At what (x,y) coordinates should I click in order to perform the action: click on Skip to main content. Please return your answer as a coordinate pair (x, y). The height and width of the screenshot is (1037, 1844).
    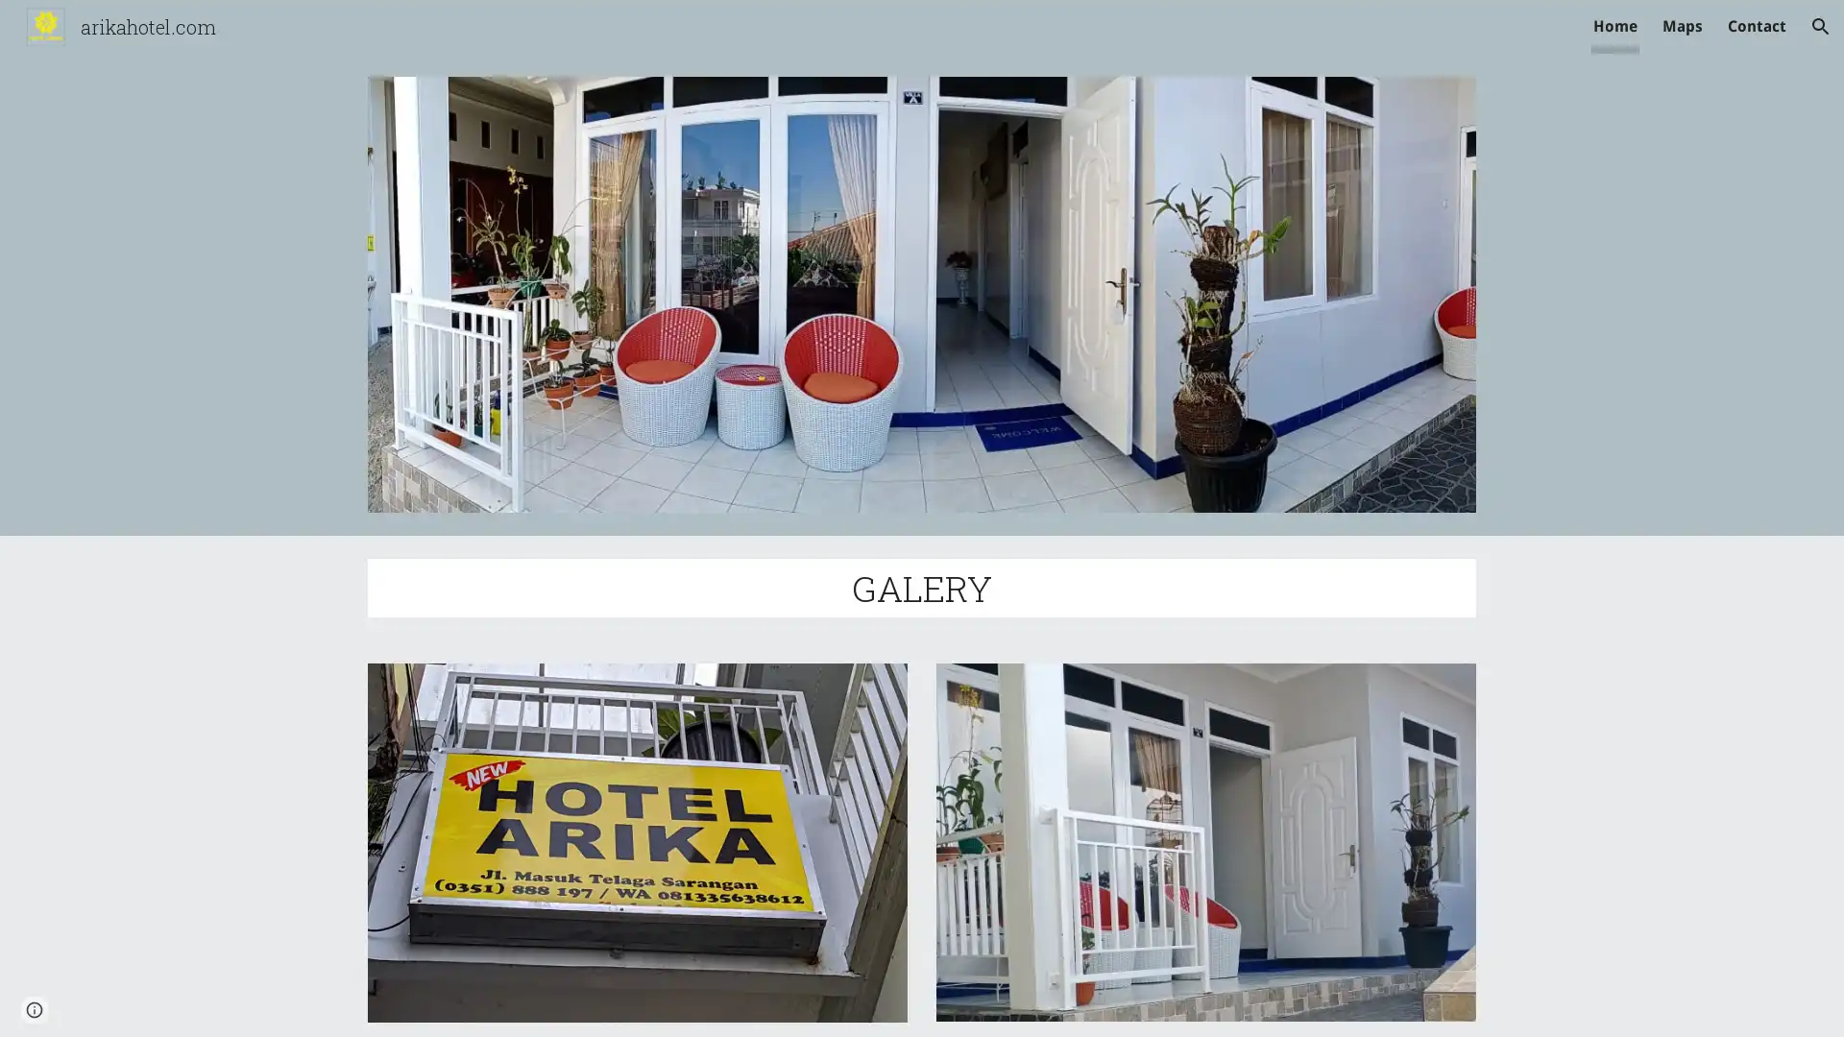
    Looking at the image, I should click on (756, 36).